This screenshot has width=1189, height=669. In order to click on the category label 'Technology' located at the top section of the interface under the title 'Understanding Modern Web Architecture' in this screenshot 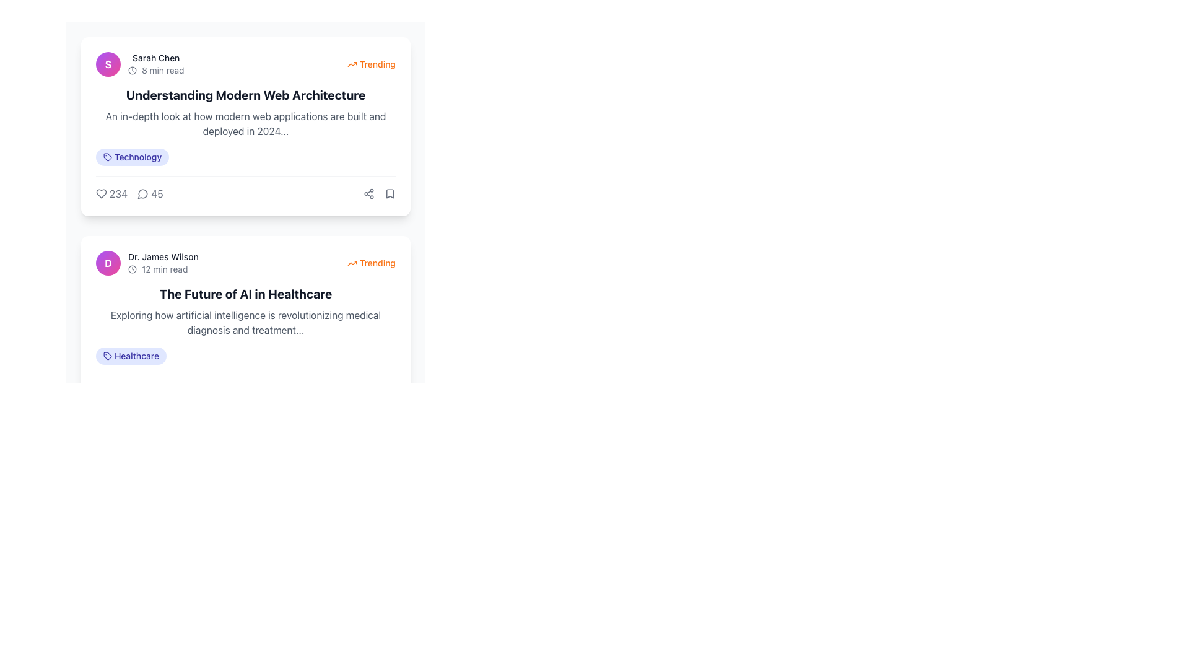, I will do `click(133, 157)`.